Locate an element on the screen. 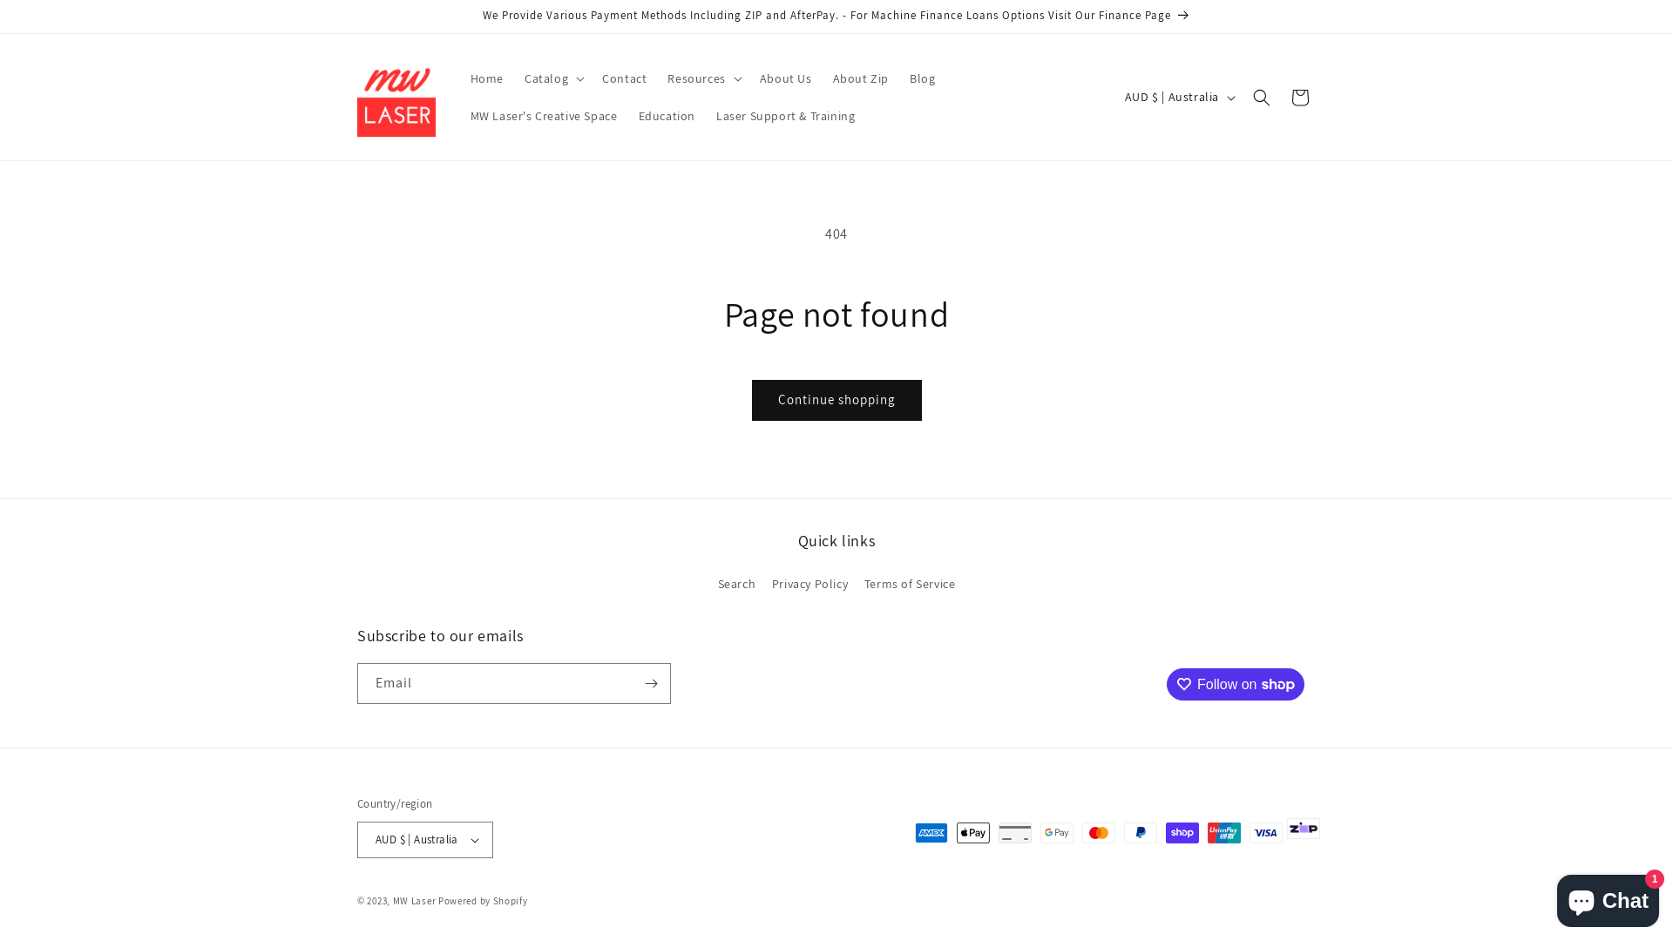 This screenshot has width=1673, height=941. 'About Zip' is located at coordinates (861, 77).